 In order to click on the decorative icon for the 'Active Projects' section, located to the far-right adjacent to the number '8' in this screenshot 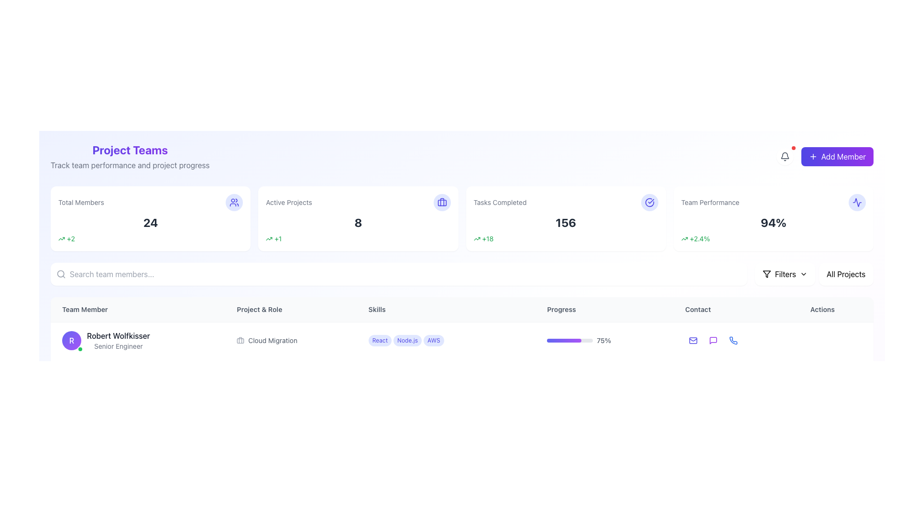, I will do `click(441, 202)`.